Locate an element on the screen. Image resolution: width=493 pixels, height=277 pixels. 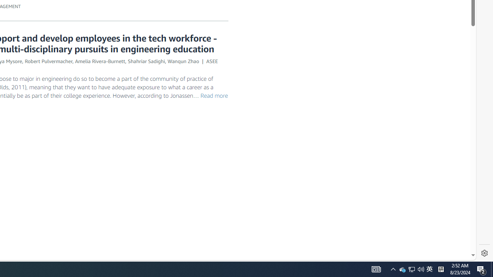
'Robert Pulvermacher' is located at coordinates (48, 60).